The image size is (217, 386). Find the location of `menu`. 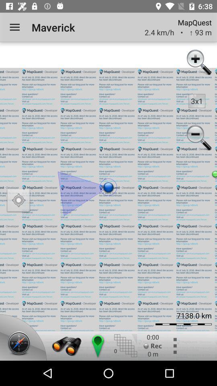

menu is located at coordinates (174, 345).